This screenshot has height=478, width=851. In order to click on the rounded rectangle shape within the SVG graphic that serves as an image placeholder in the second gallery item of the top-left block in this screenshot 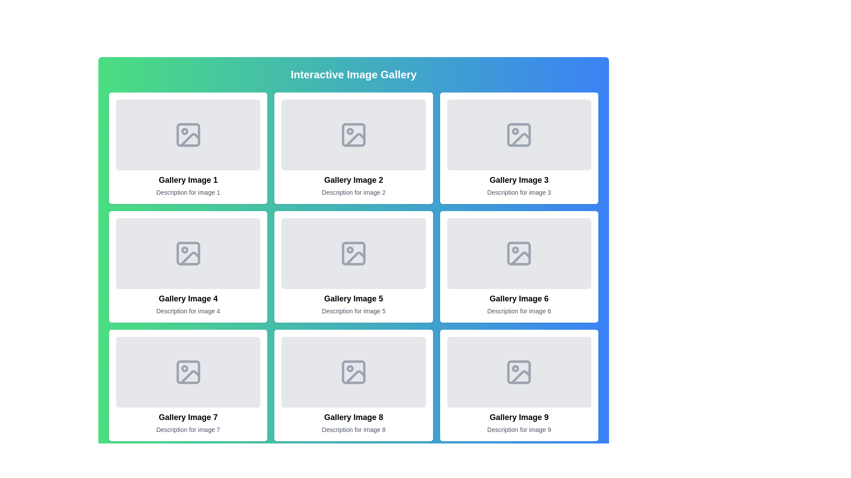, I will do `click(353, 135)`.